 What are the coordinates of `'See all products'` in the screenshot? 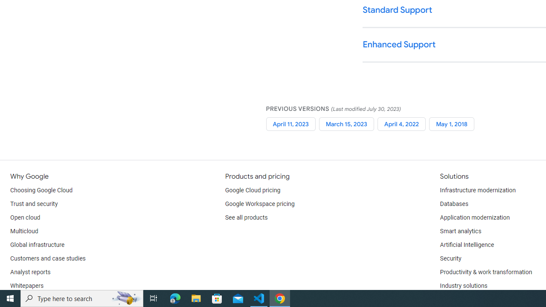 It's located at (246, 217).